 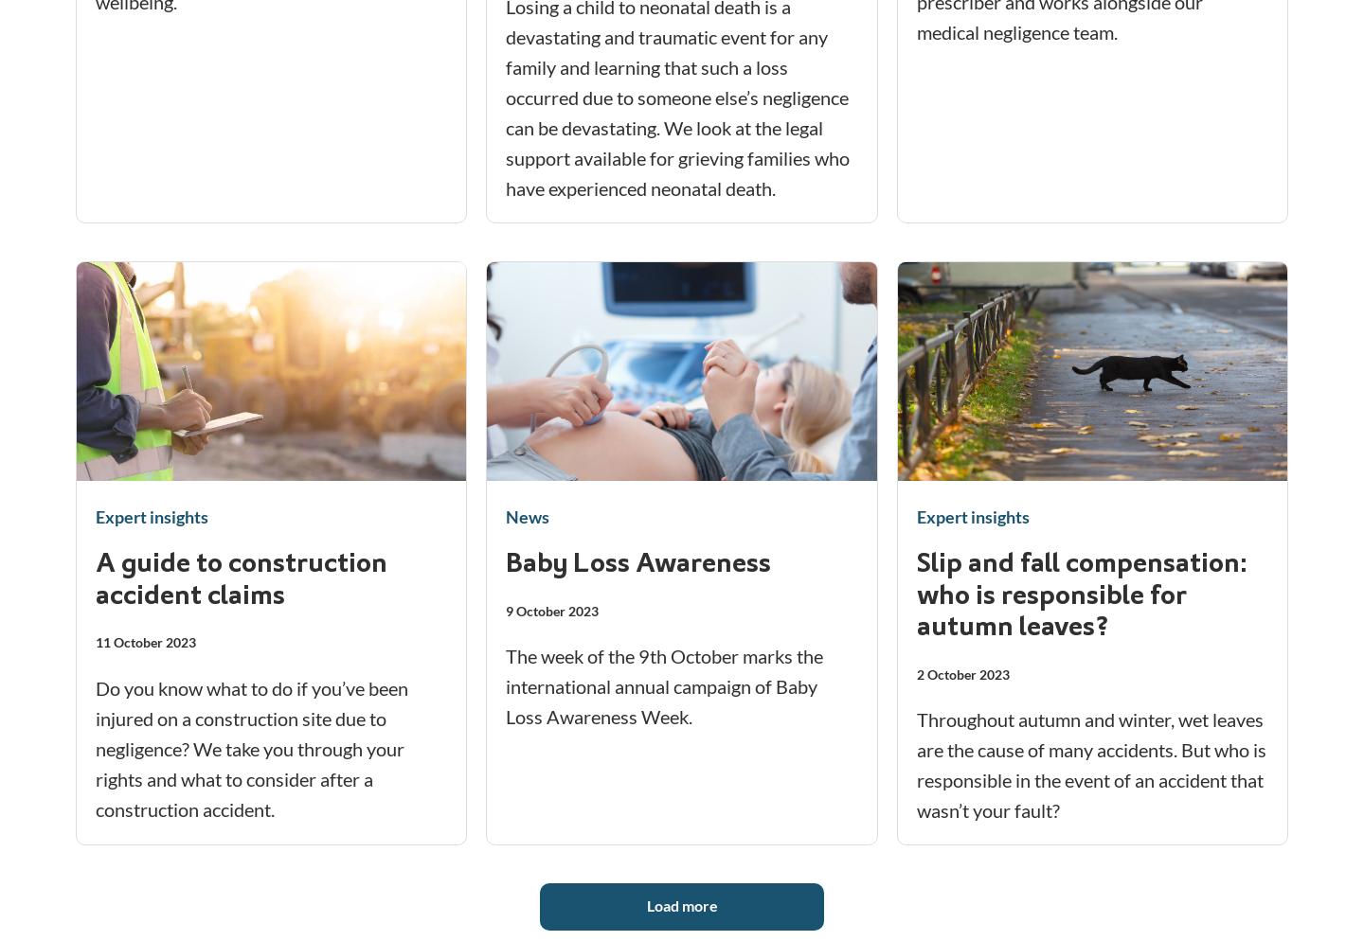 I want to click on 'Slip and fall compensation: who is responsible for autumn leaves?', so click(x=914, y=595).